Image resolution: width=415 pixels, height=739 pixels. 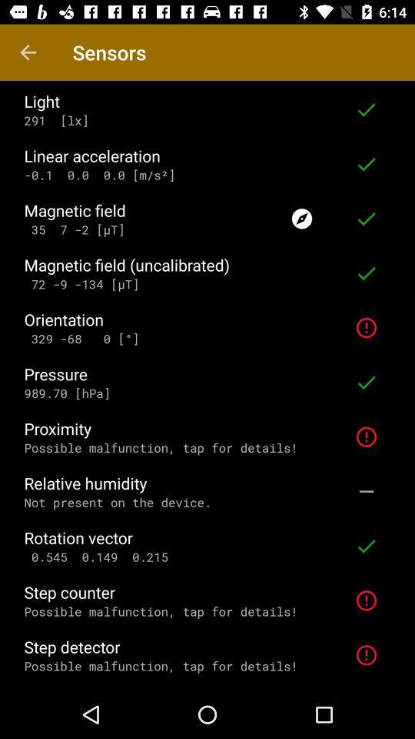 I want to click on item above light, so click(x=28, y=52).